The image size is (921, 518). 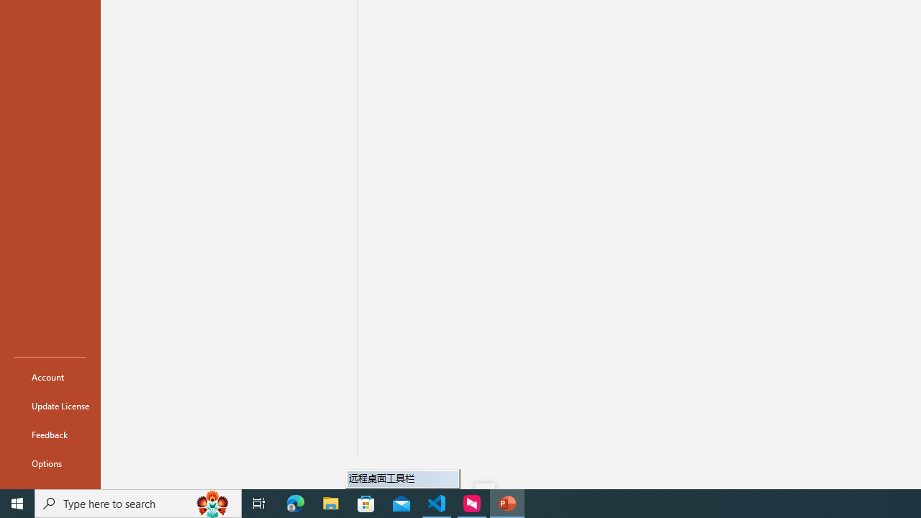 I want to click on 'Feedback', so click(x=50, y=434).